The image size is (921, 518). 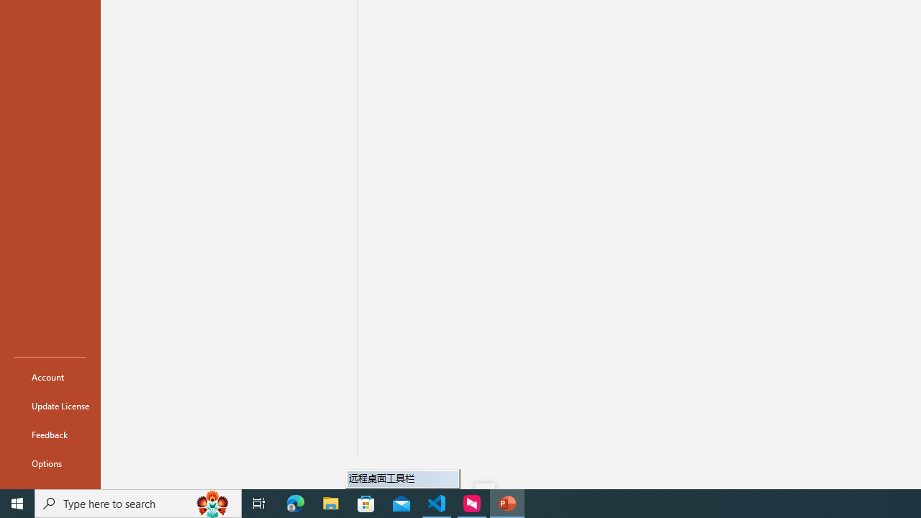 I want to click on 'Feedback', so click(x=50, y=434).